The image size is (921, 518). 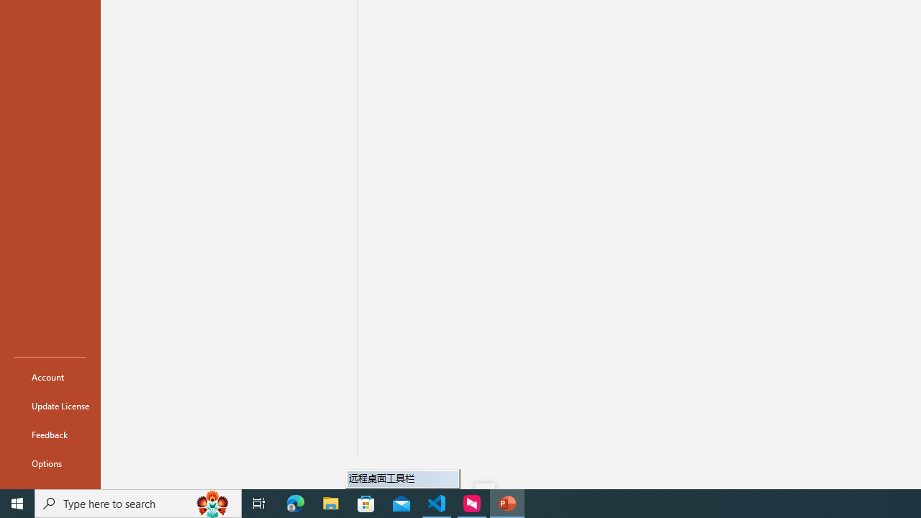 I want to click on 'Feedback', so click(x=50, y=434).